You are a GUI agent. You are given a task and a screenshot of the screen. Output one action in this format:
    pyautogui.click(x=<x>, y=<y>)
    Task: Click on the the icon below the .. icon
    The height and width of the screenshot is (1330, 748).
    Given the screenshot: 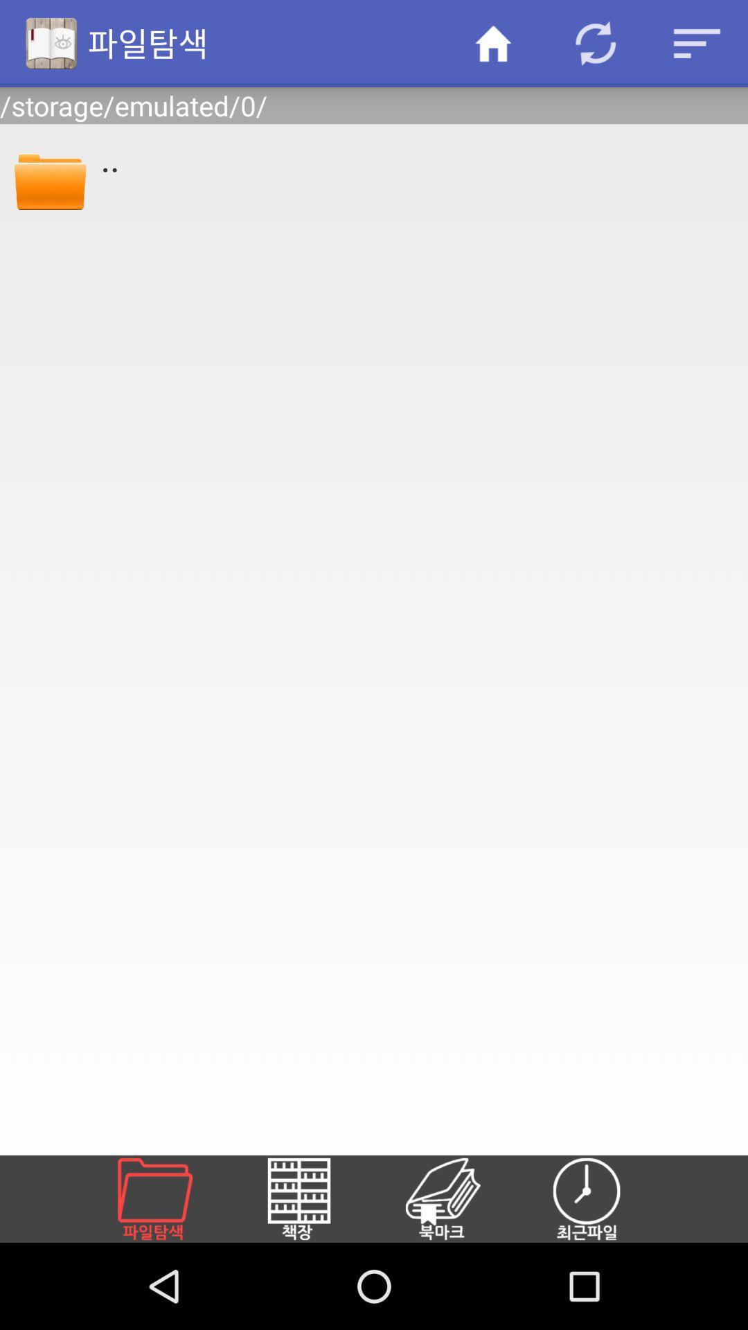 What is the action you would take?
    pyautogui.click(x=315, y=1198)
    